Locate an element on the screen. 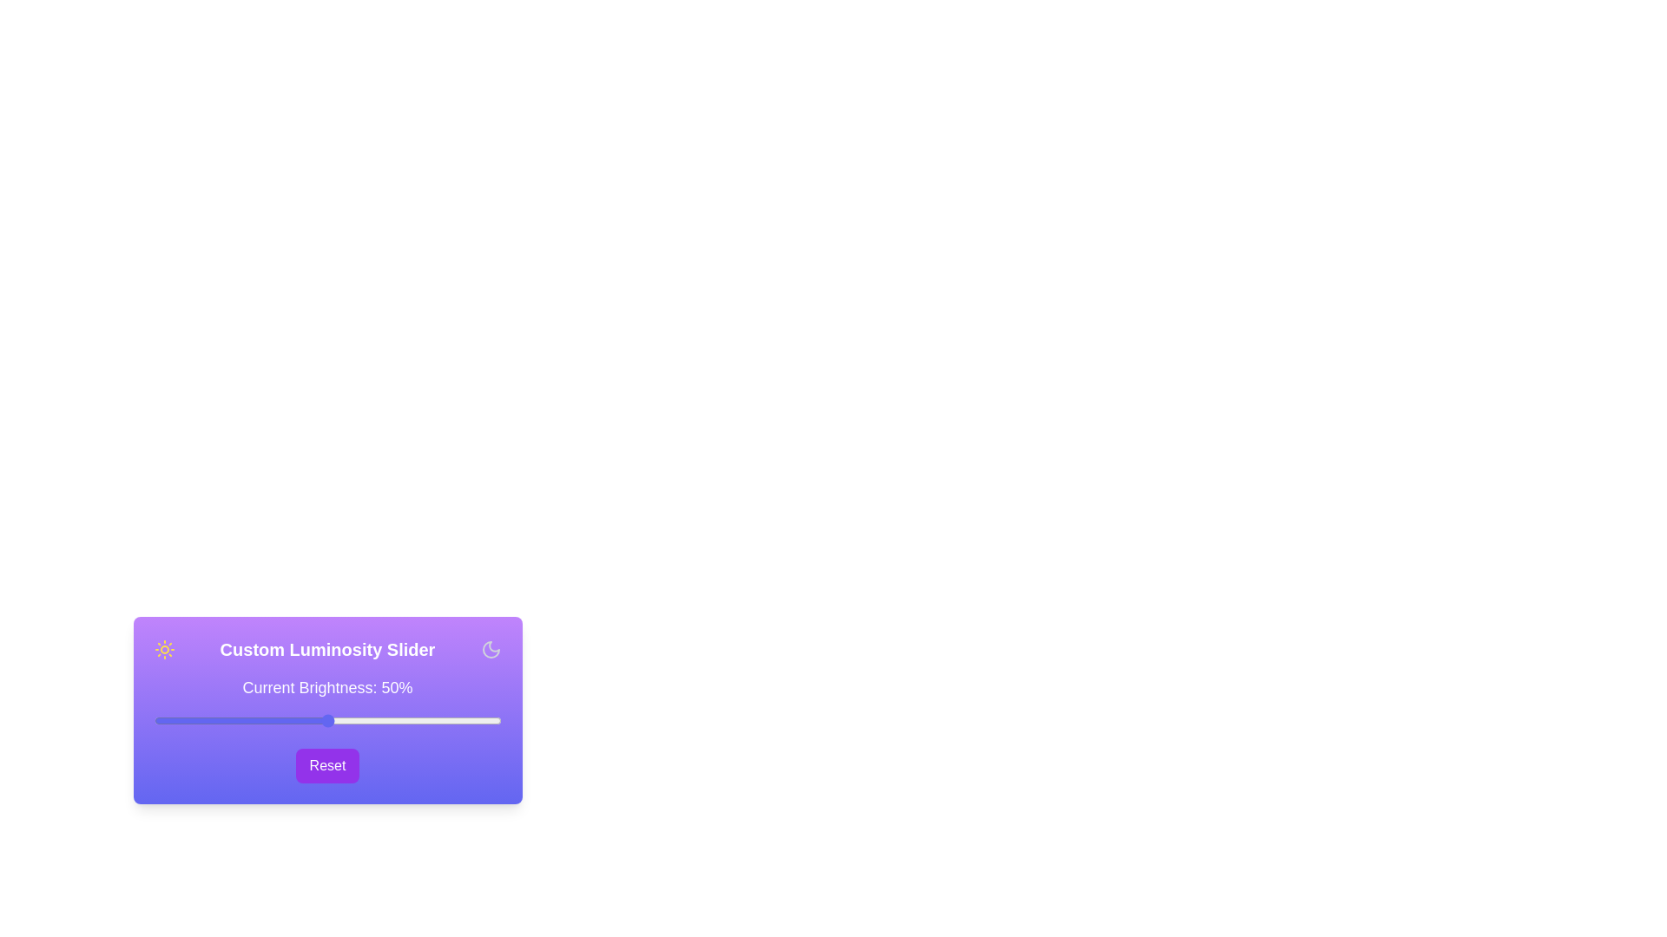 The height and width of the screenshot is (937, 1667). brightness is located at coordinates (320, 720).